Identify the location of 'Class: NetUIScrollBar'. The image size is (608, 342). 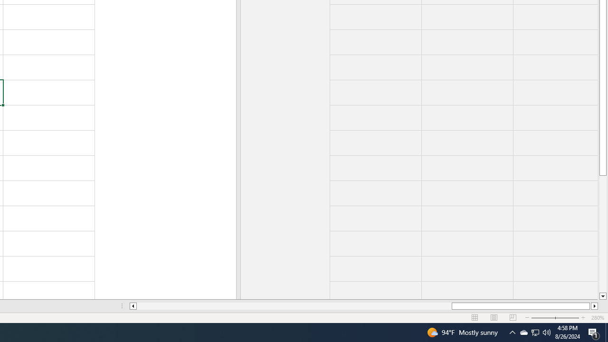
(363, 306).